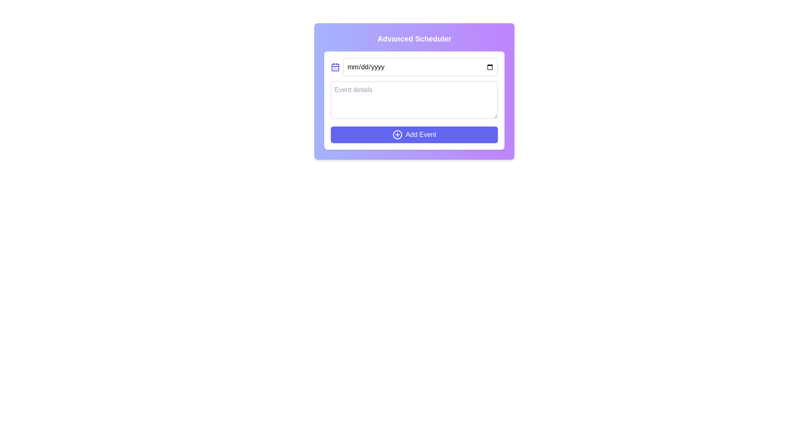  Describe the element at coordinates (420, 67) in the screenshot. I see `a date from the date input field located within the 'Advanced Scheduler' modal, positioned to the right of the calendar icon, in the first row of inputs above the 'Event details' text area` at that location.